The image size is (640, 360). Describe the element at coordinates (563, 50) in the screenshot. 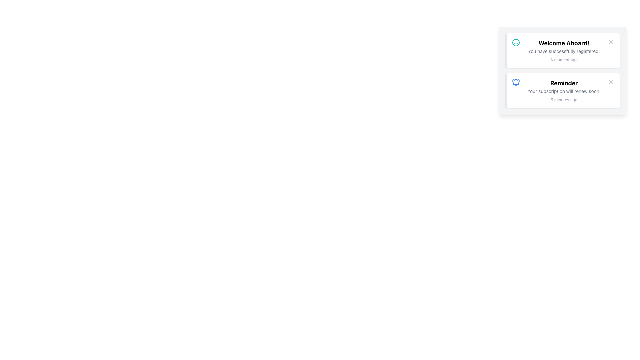

I see `the notification message indicating successful registration, which is located at the top of the notification card, positioned to the right of a smiley face icon and to the left of a close button` at that location.